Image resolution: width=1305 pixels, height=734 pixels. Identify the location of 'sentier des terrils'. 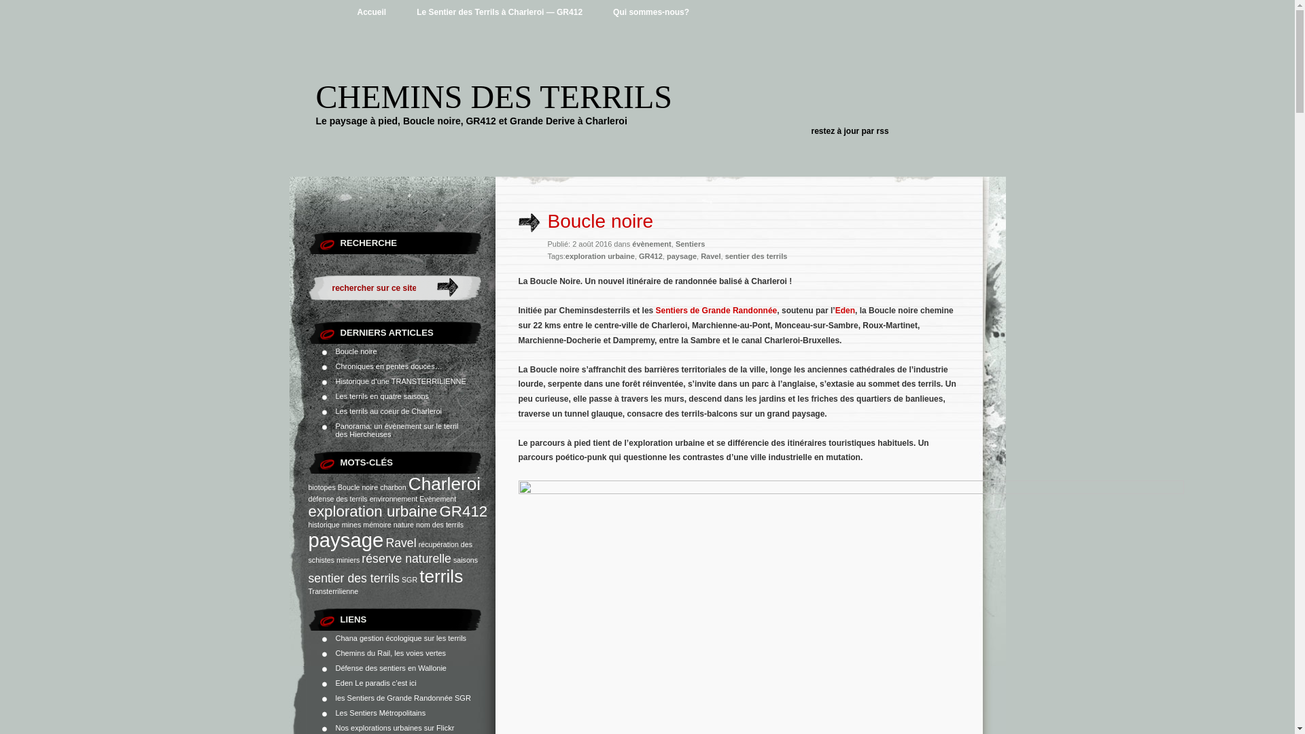
(756, 256).